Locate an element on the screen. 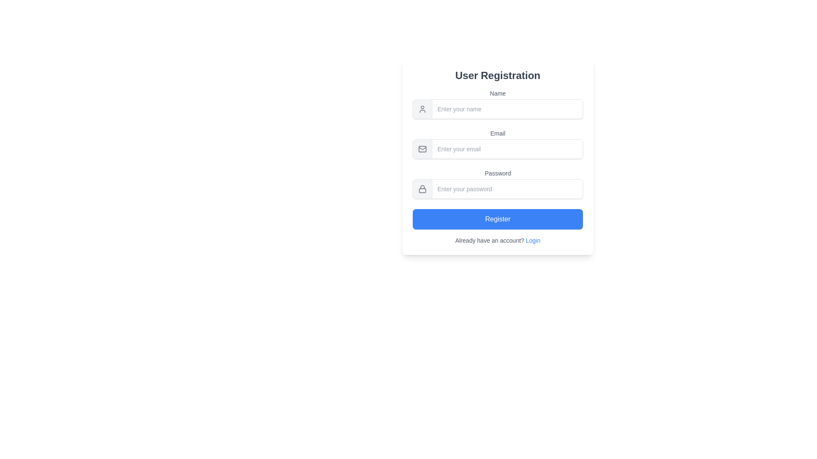 This screenshot has height=459, width=817. on the email input field, which is a rectangular box labeled 'Email' located below the 'Name' input field is located at coordinates (498, 157).